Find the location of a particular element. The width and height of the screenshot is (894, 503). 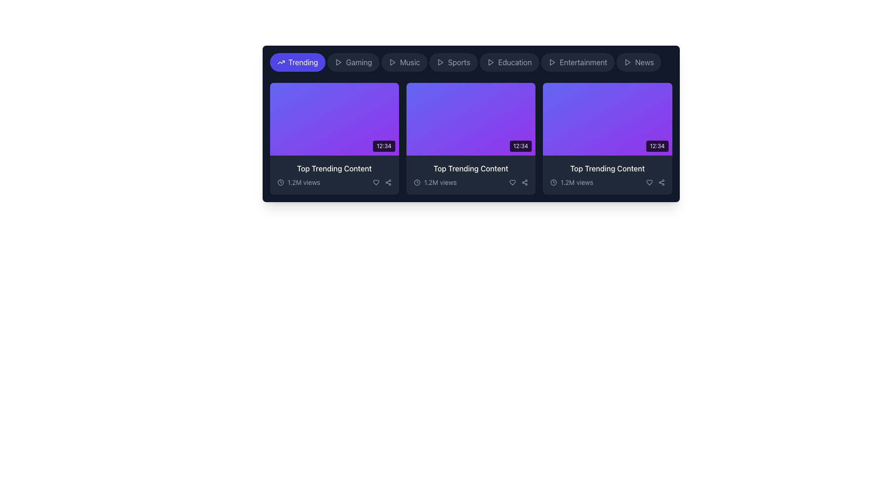

the 'News' section in the rightmost interactive button of the horizontal navigation menu is located at coordinates (644, 62).